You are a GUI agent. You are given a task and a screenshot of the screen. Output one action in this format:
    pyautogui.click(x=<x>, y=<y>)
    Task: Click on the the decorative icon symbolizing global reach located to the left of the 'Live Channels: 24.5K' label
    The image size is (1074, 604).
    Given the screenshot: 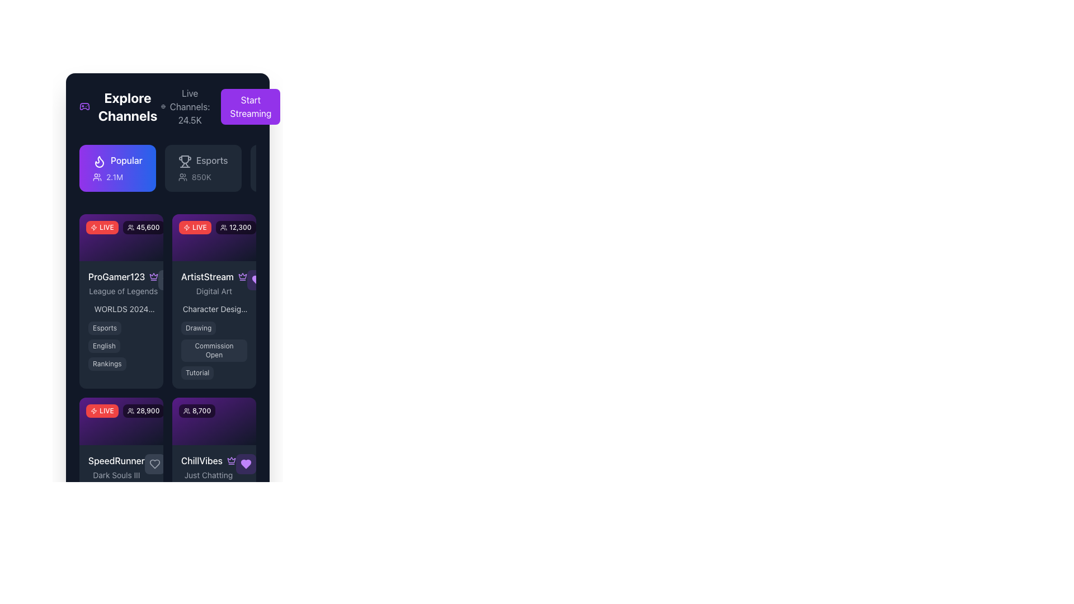 What is the action you would take?
    pyautogui.click(x=162, y=107)
    